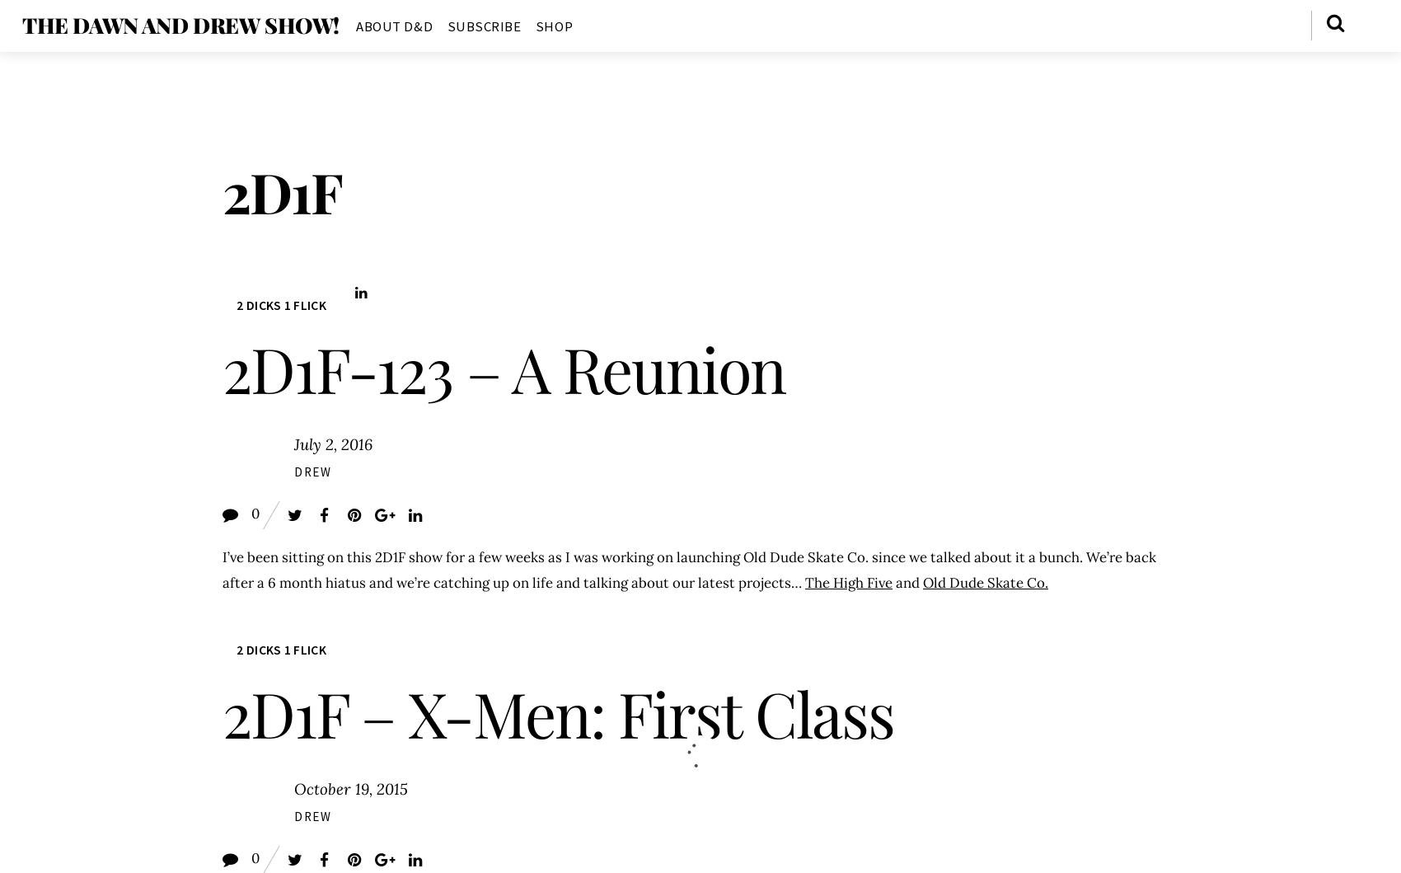 The height and width of the screenshot is (873, 1401). I want to click on 'Podcasting since 2004 bitches!', so click(117, 26).